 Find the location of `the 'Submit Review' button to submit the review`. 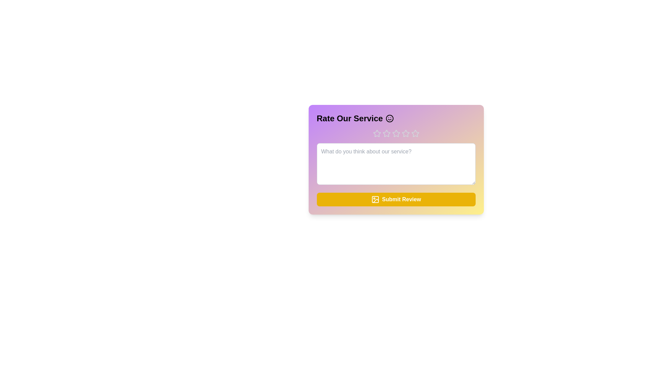

the 'Submit Review' button to submit the review is located at coordinates (396, 199).